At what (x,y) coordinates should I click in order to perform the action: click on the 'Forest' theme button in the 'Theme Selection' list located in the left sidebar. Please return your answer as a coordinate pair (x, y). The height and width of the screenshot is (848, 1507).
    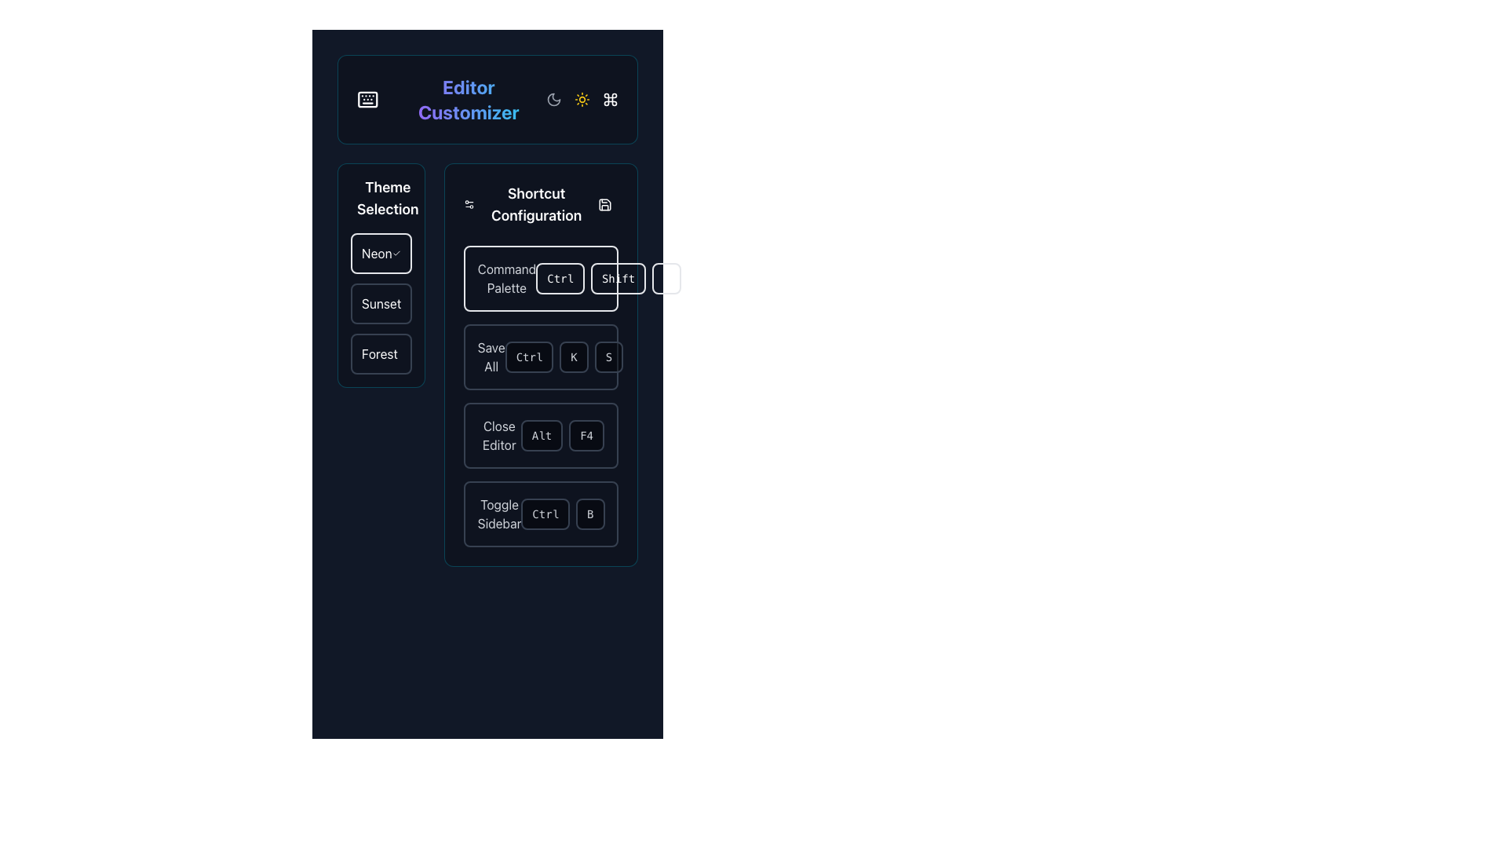
    Looking at the image, I should click on (381, 354).